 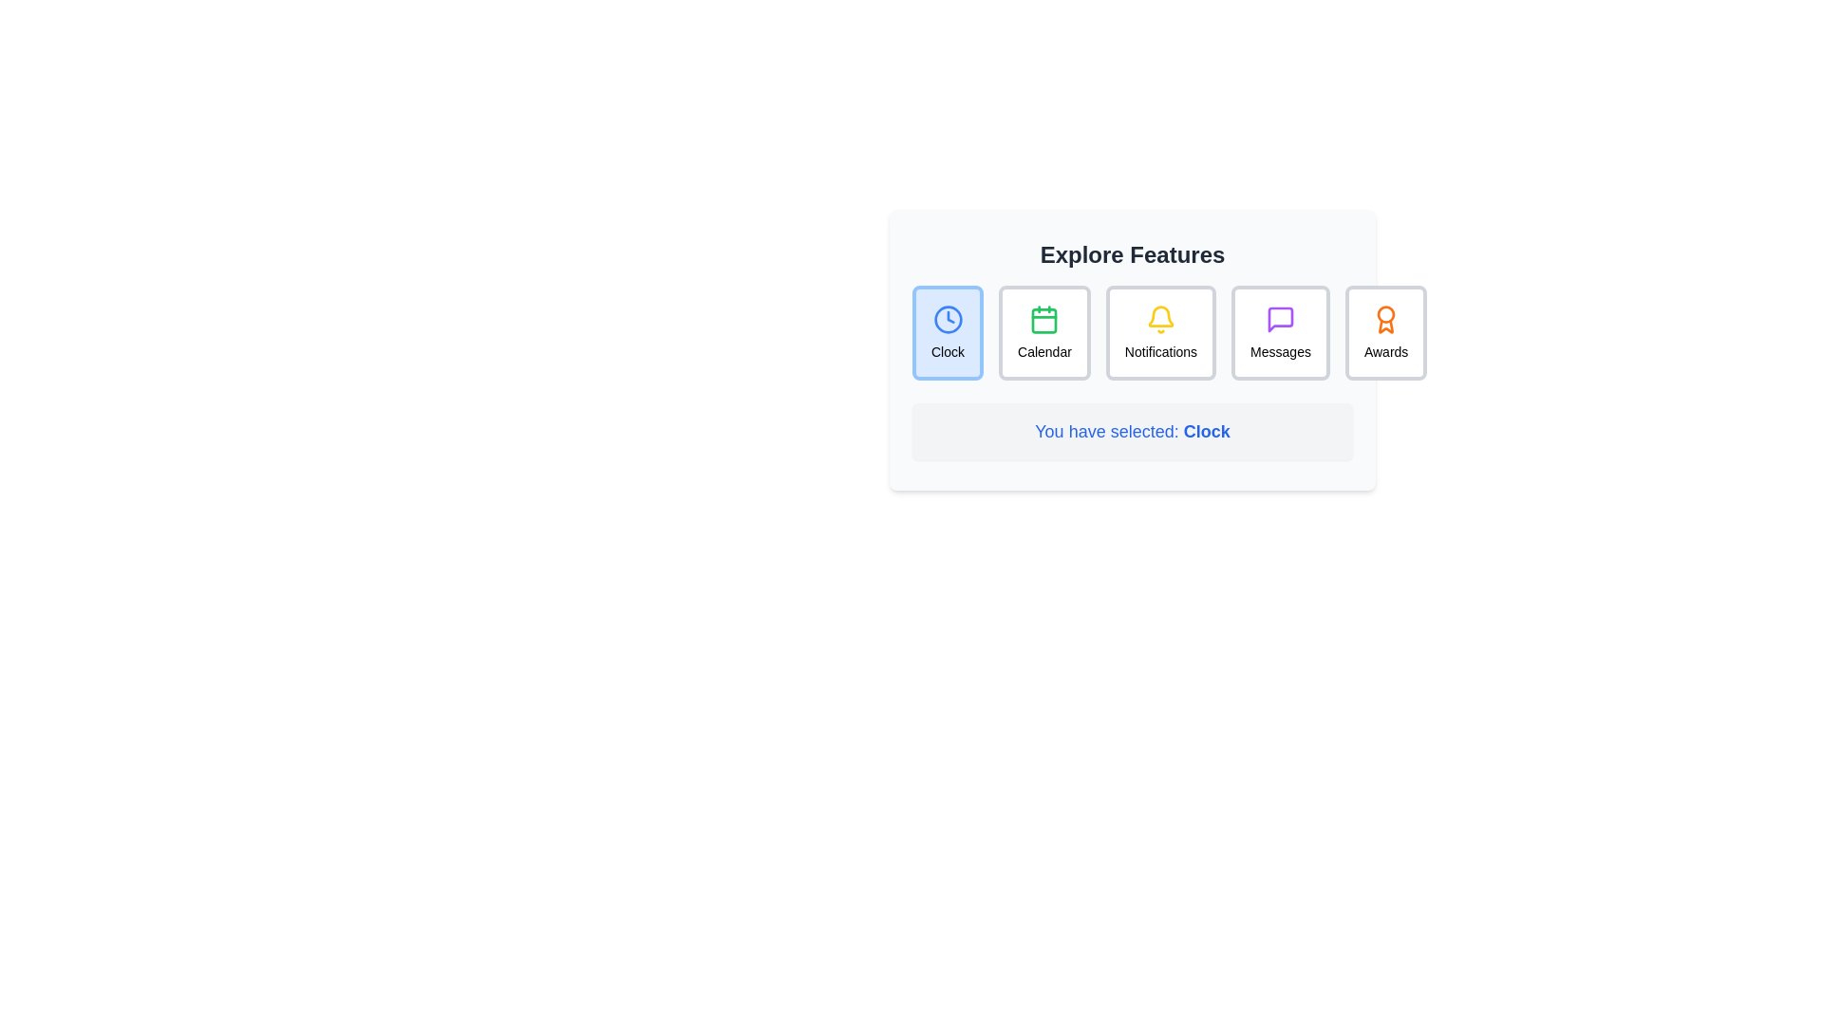 I want to click on the 'Awards' icon located on the far-right side of the horizontally aligned set of icons under the 'Explore Features' heading, so click(x=1386, y=318).